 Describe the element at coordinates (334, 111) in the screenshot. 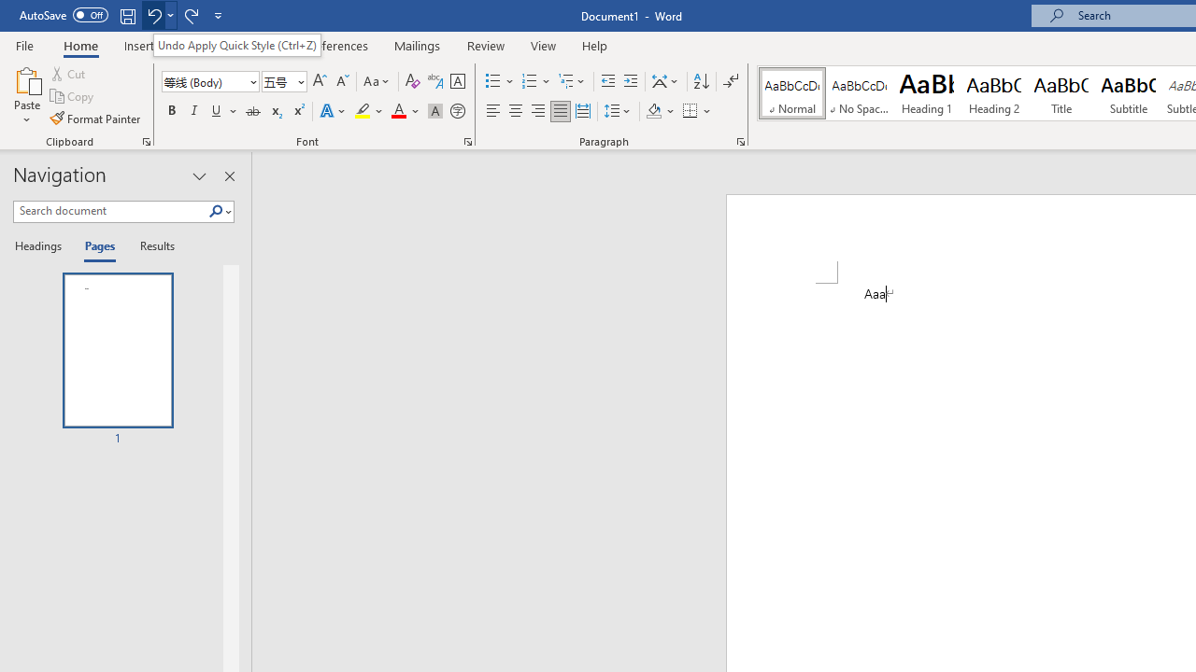

I see `'Text Effects and Typography'` at that location.